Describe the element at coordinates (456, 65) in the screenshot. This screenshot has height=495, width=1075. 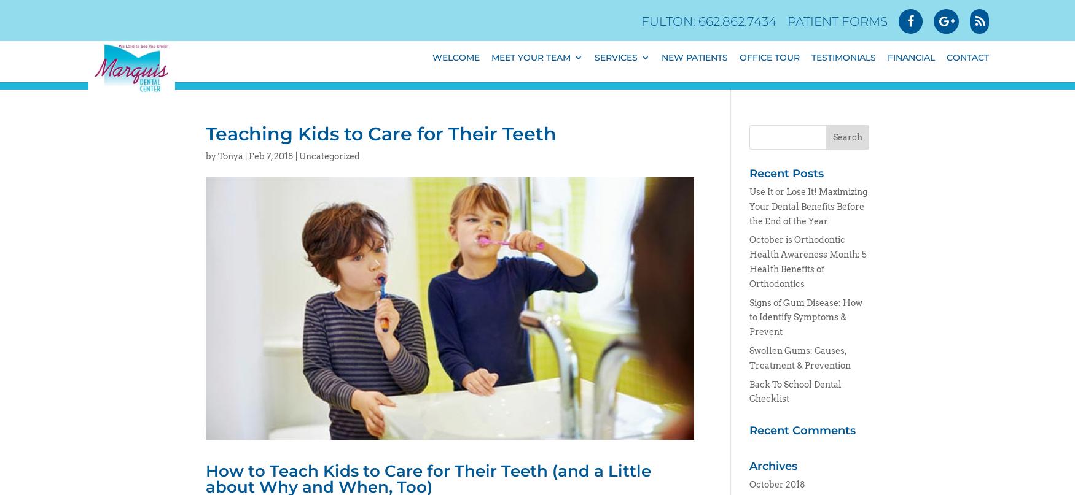
I see `'Welcome'` at that location.